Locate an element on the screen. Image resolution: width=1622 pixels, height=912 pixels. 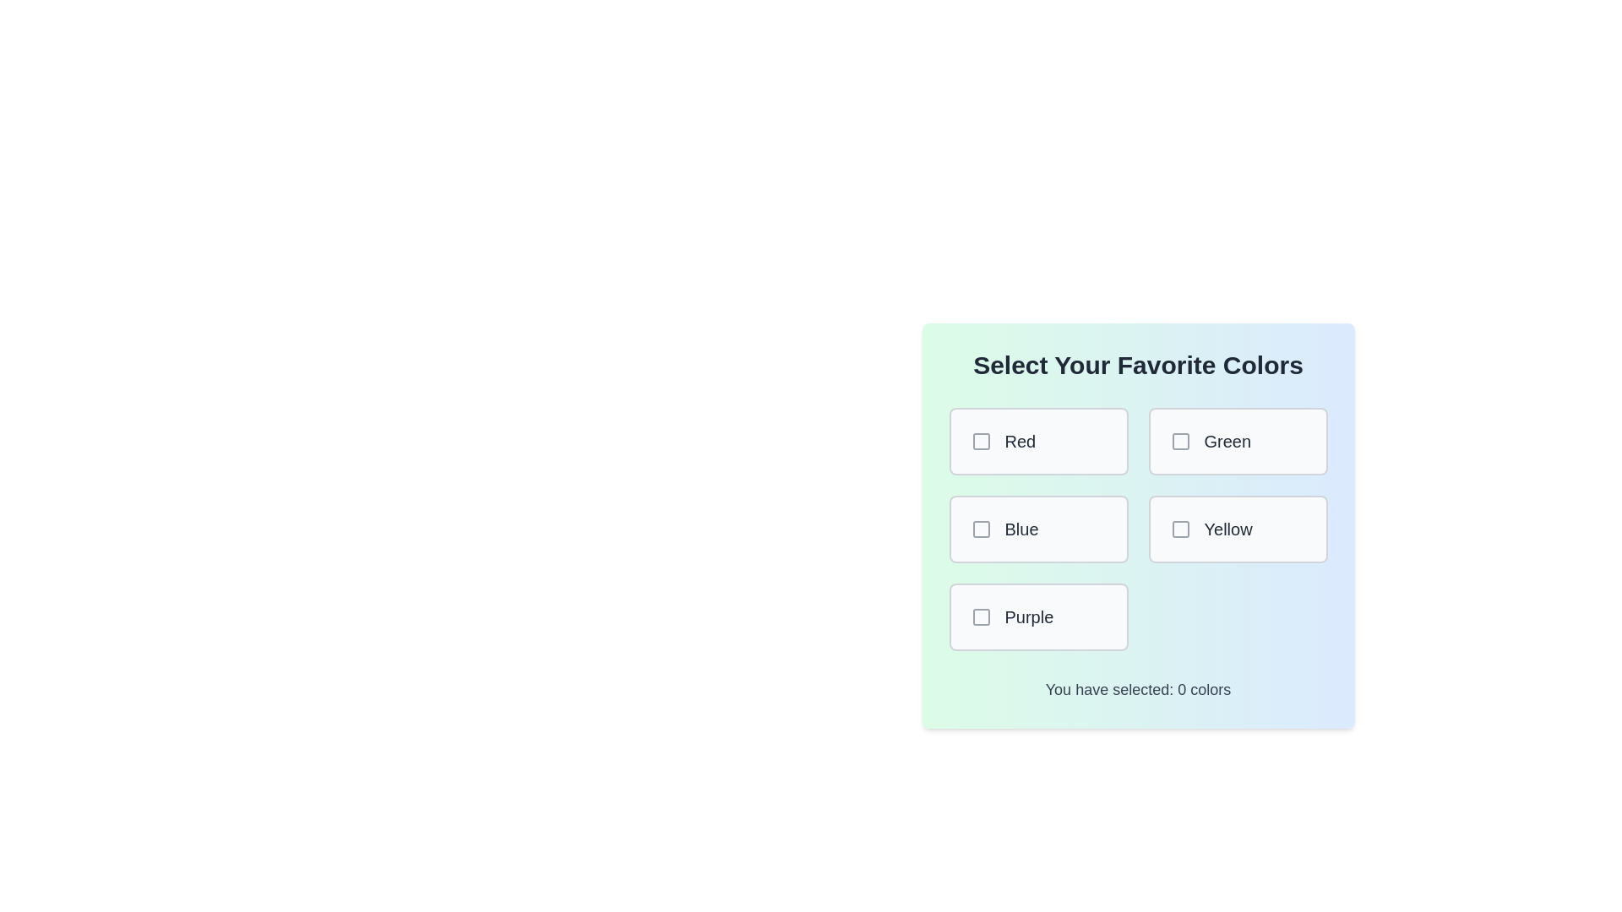
the color Red by clicking its corresponding box is located at coordinates (1037, 441).